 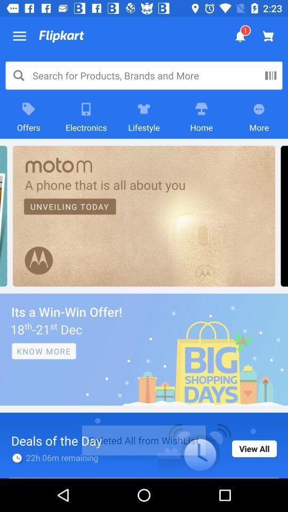 What do you see at coordinates (241, 36) in the screenshot?
I see `the bell icon at the top of the page` at bounding box center [241, 36].